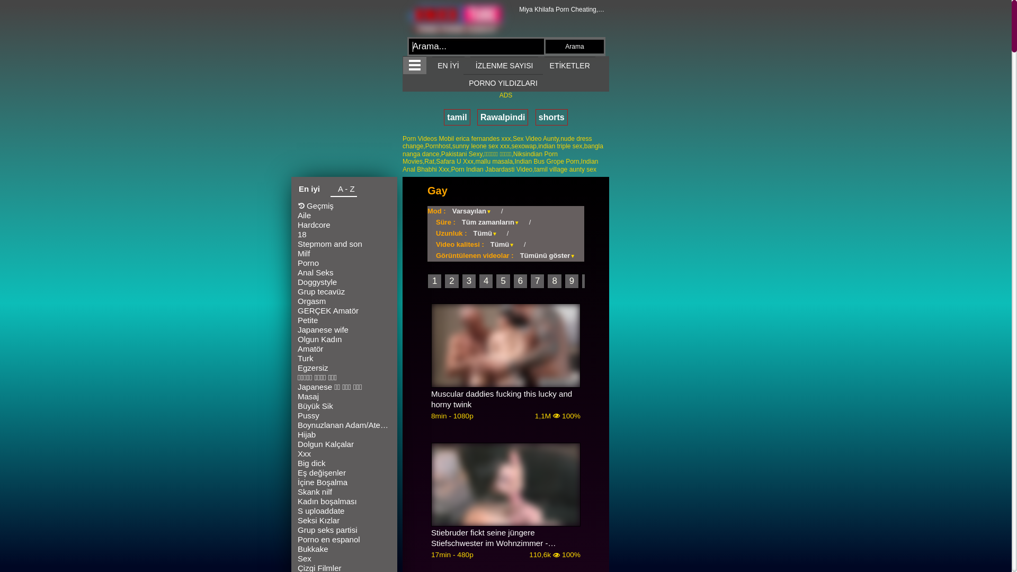 The height and width of the screenshot is (572, 1017). Describe the element at coordinates (564, 281) in the screenshot. I see `'9'` at that location.